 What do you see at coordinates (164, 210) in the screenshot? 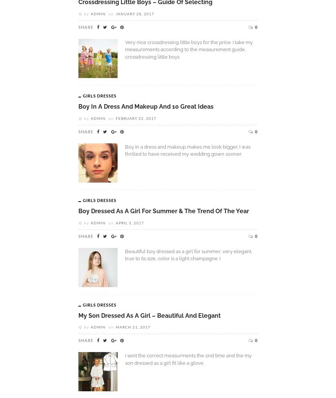
I see `'Boy Dressed As A Girl For Summer & The Trend Of The Year'` at bounding box center [164, 210].